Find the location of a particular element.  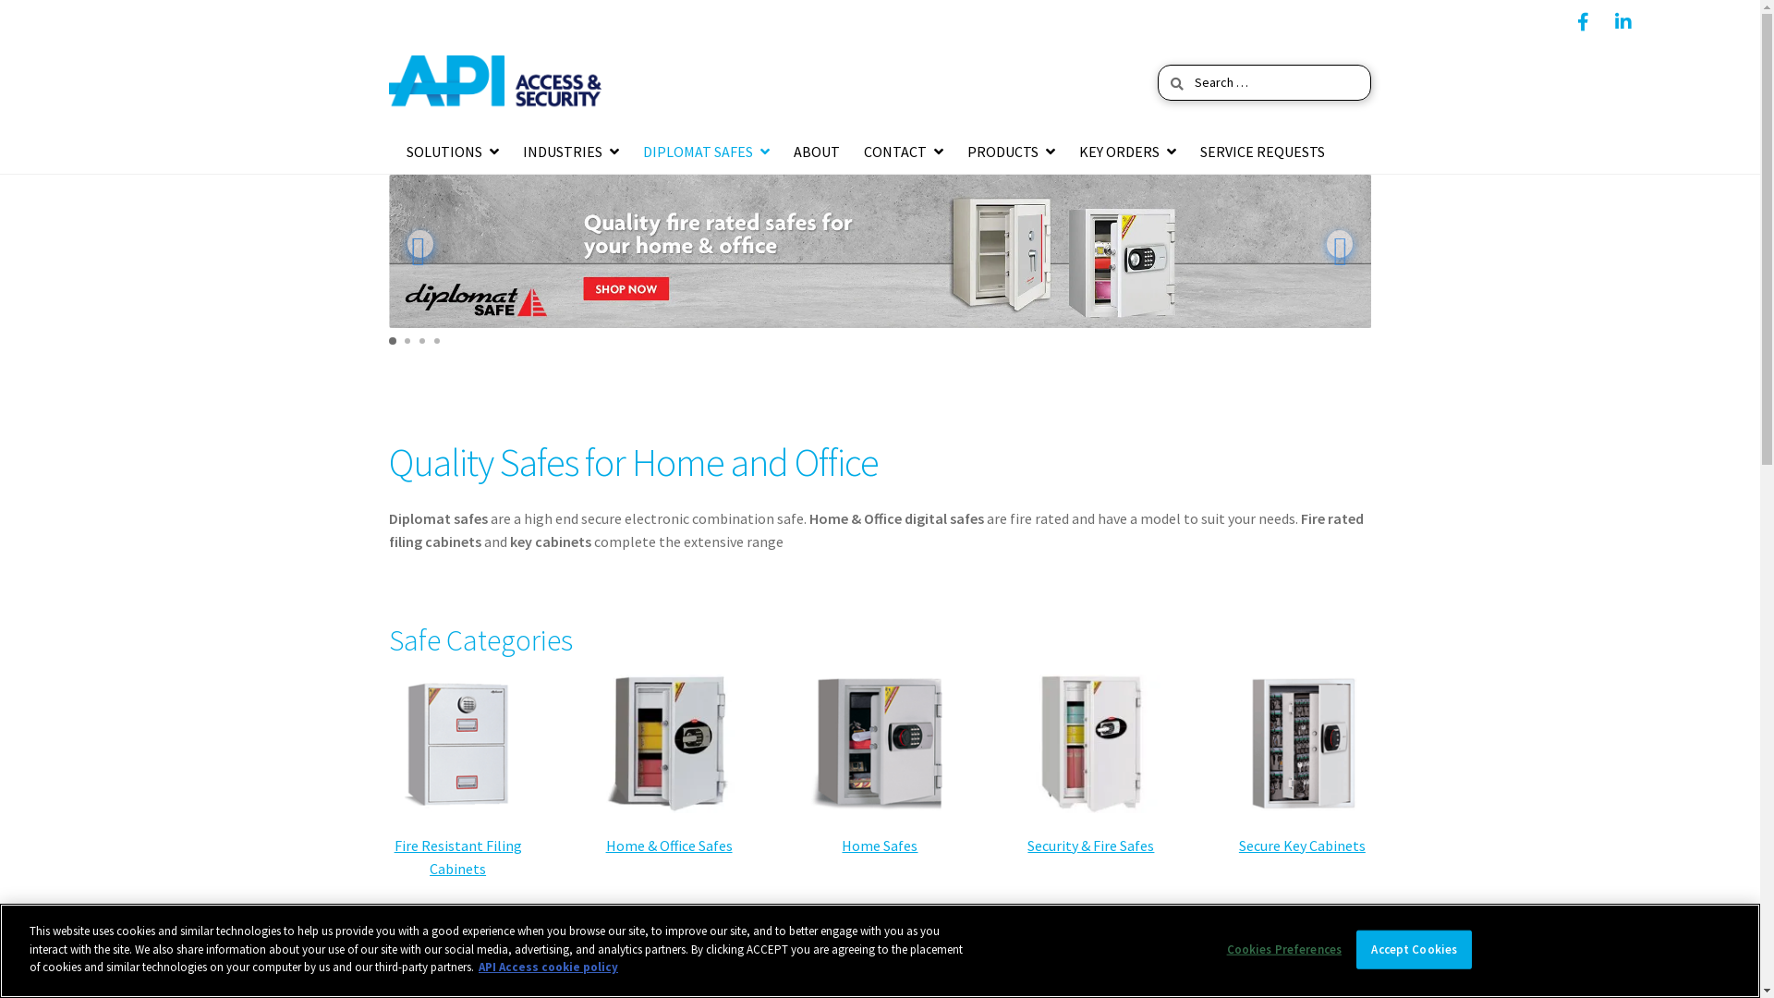

'CONTACT' is located at coordinates (904, 152).